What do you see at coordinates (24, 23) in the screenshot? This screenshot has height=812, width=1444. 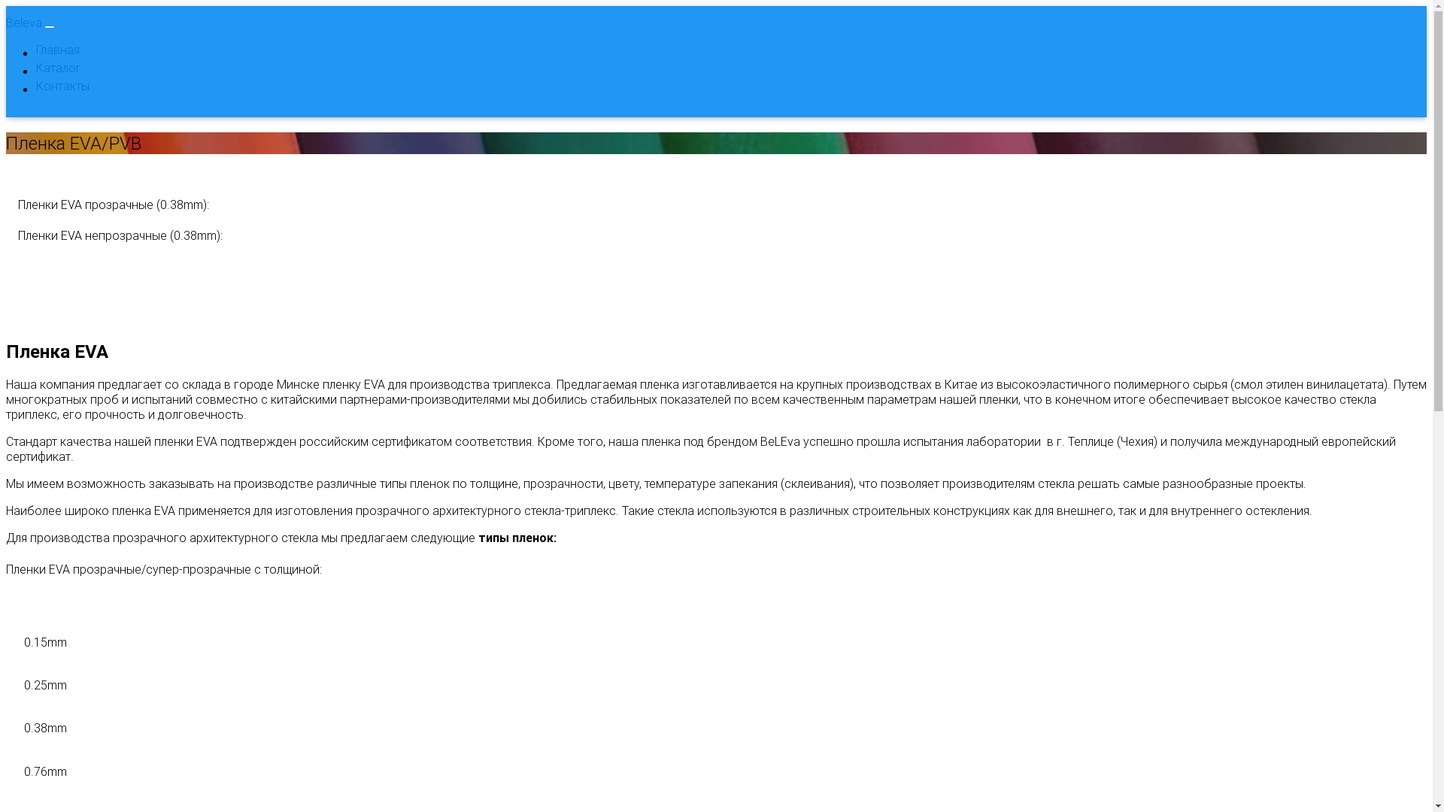 I see `'Beleva'` at bounding box center [24, 23].